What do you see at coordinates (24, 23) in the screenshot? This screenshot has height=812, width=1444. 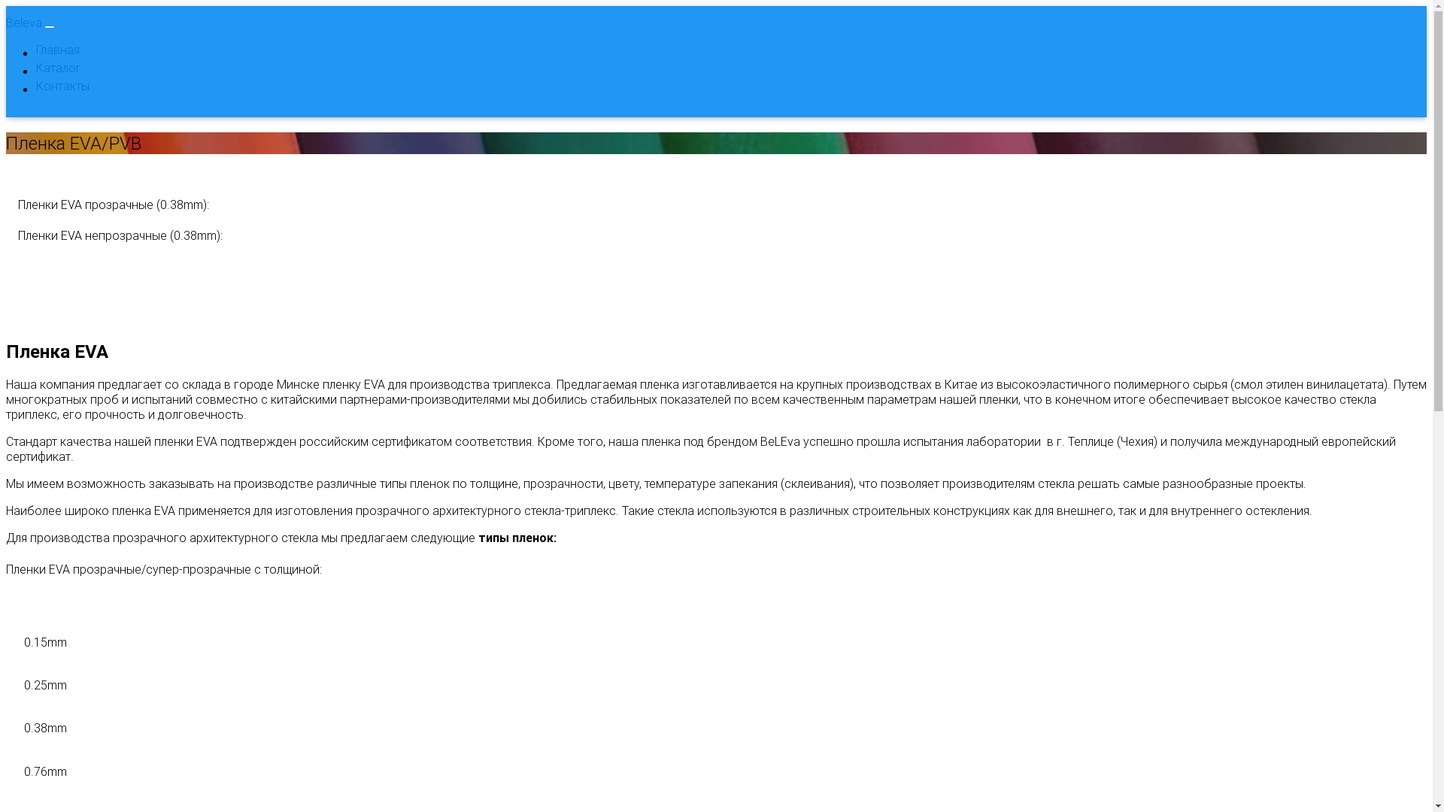 I see `'Beleva'` at bounding box center [24, 23].